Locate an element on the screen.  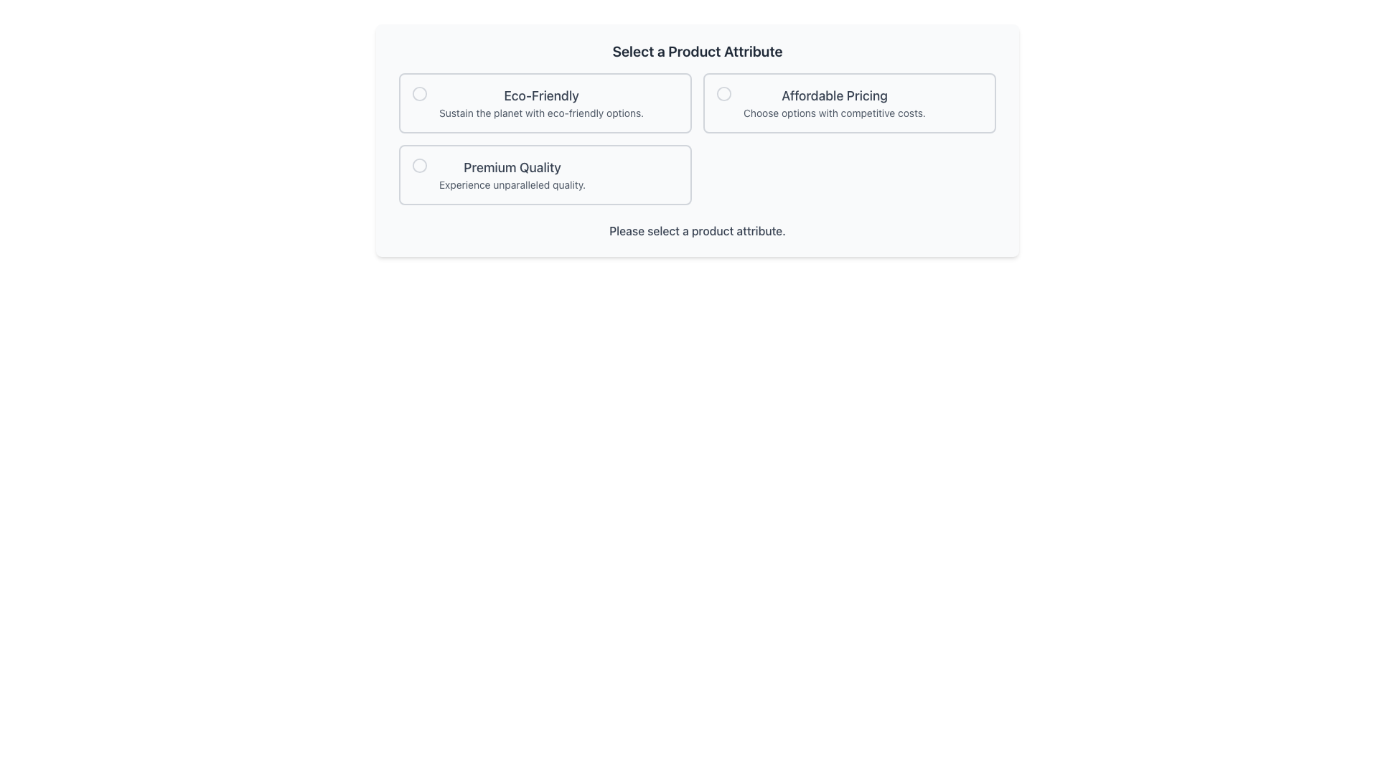
text label 'Premium Quality' which is centered in the third choice group of selection options is located at coordinates (512, 167).